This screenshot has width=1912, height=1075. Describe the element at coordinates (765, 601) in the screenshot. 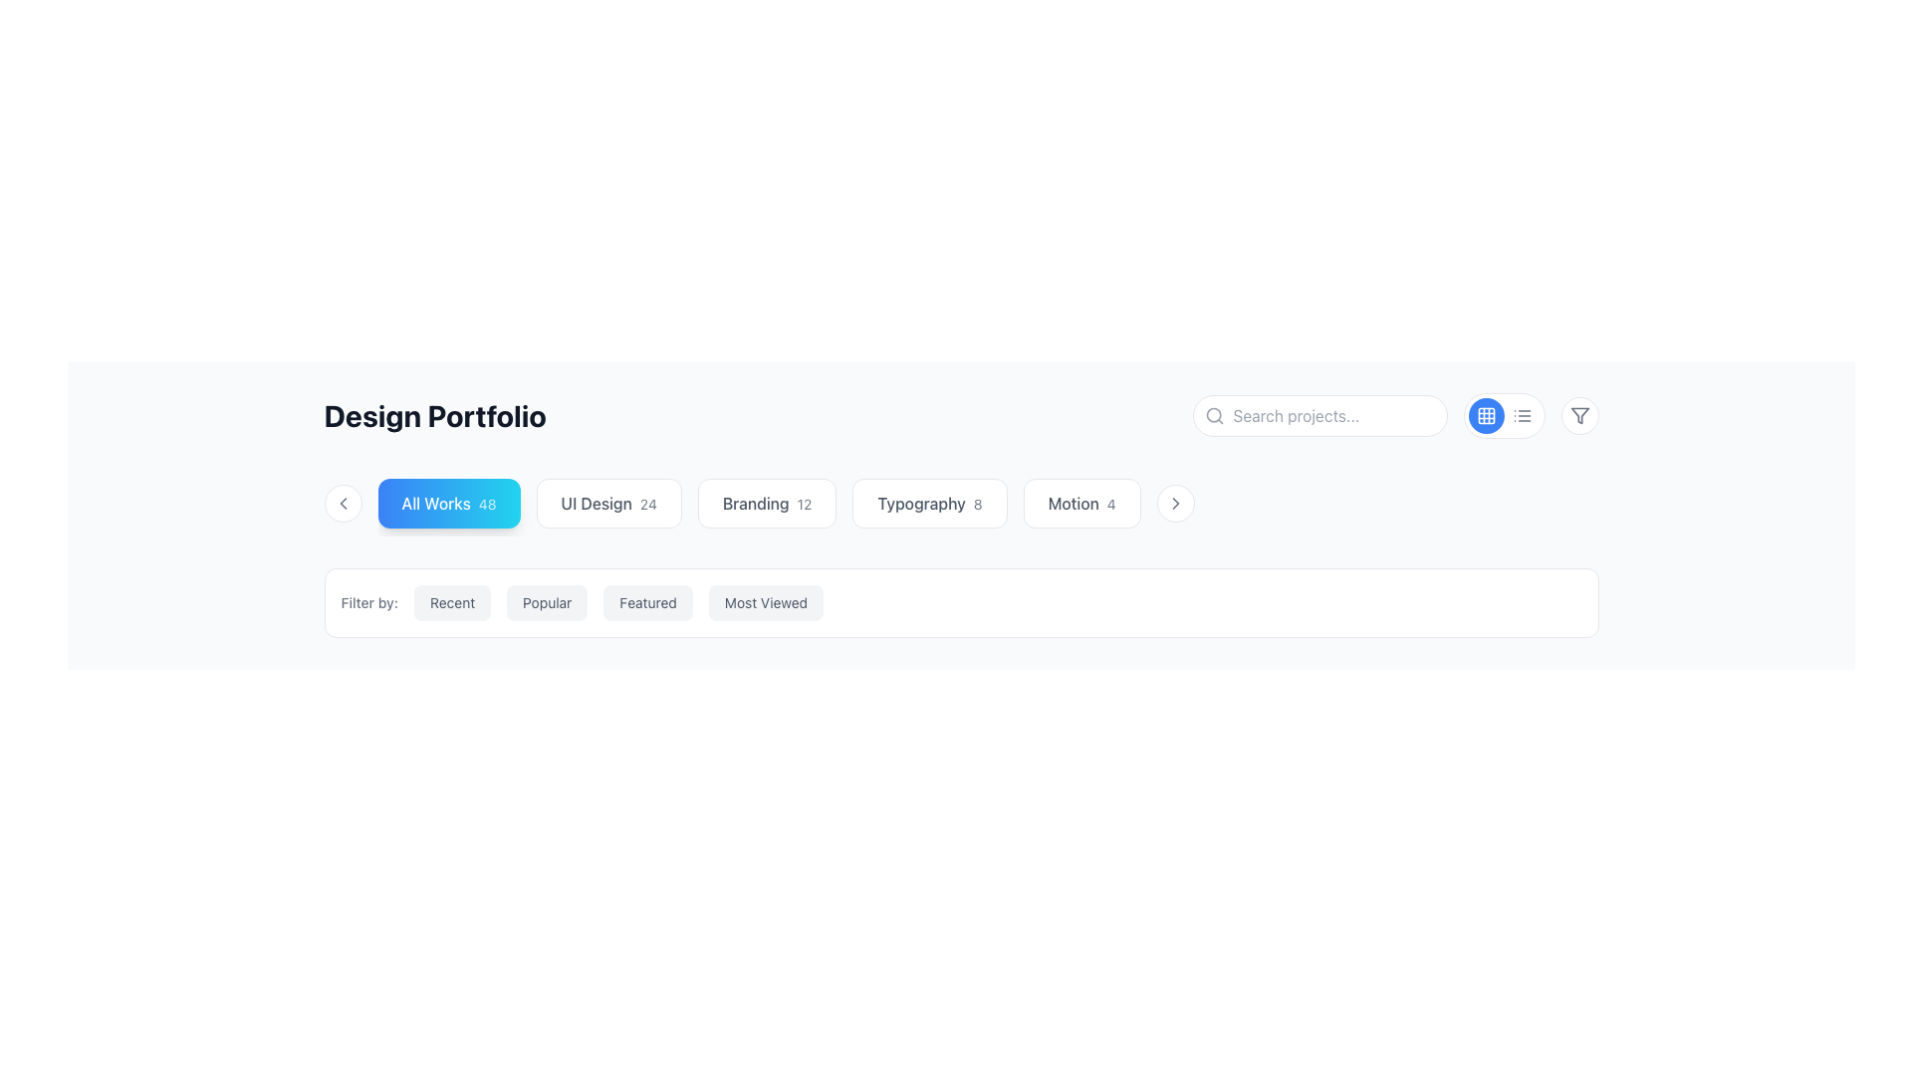

I see `the 'Most Viewed' interactive button in the filtering section` at that location.